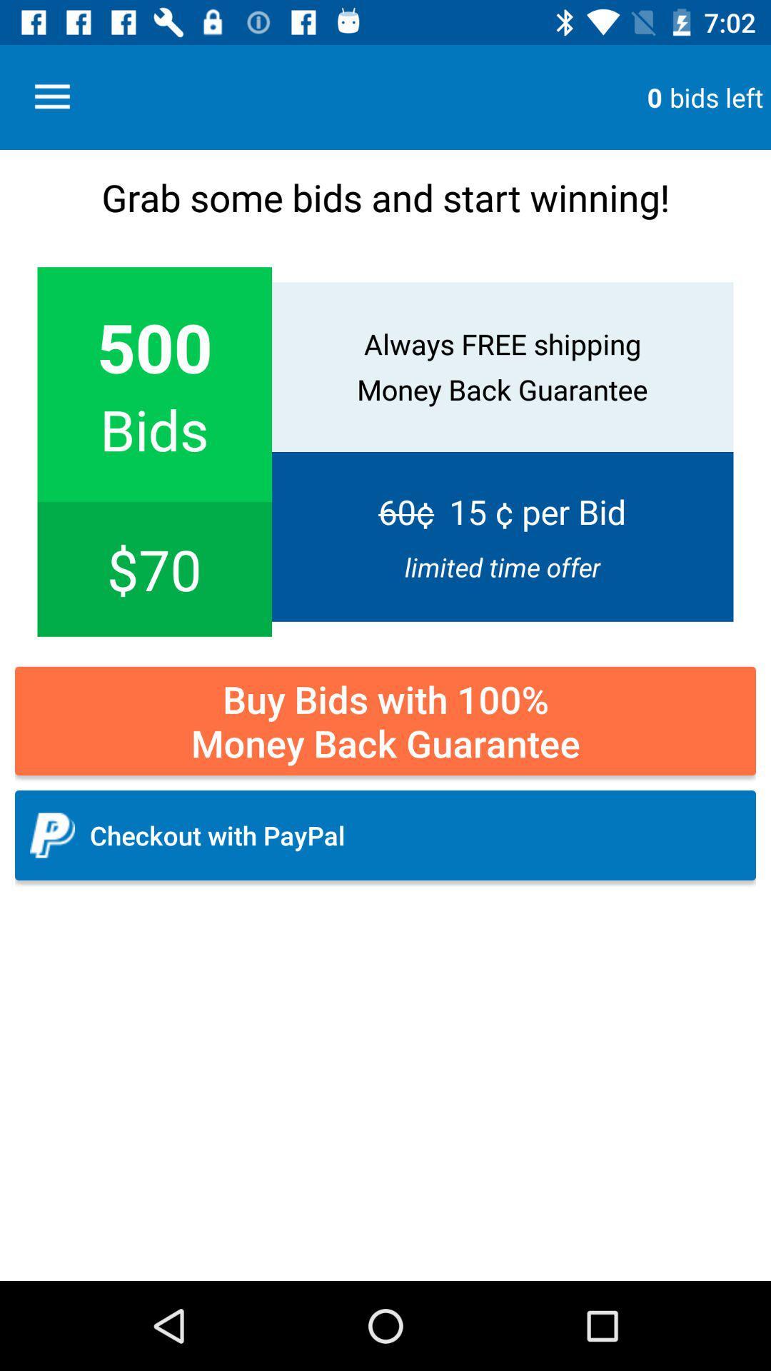 This screenshot has width=771, height=1371. What do you see at coordinates (385, 835) in the screenshot?
I see `item below the buy bids with item` at bounding box center [385, 835].